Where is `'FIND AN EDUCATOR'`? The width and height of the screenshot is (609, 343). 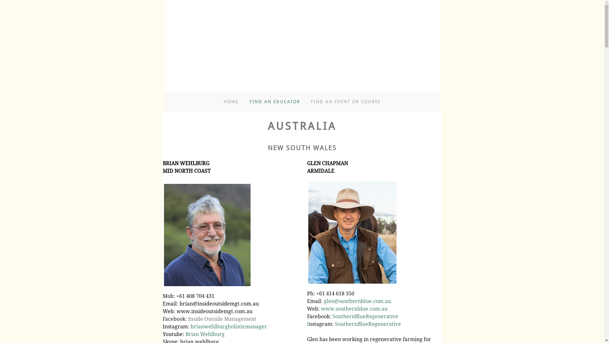 'FIND AN EDUCATOR' is located at coordinates (274, 101).